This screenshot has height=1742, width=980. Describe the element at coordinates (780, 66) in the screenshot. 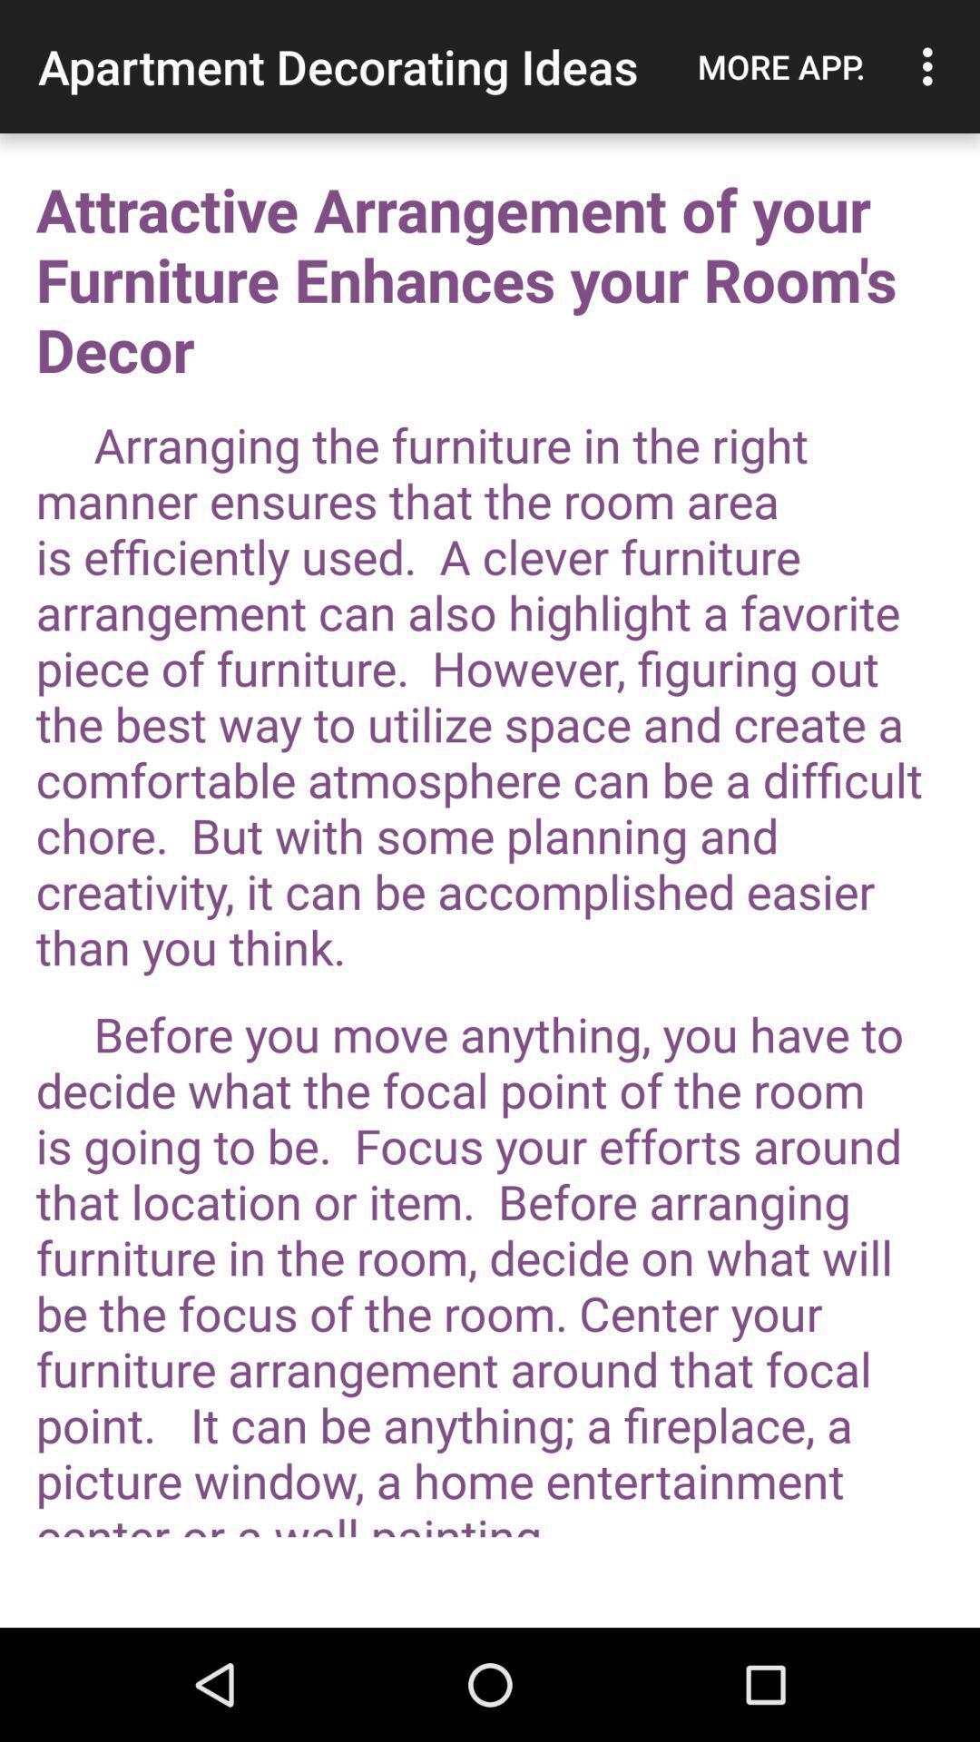

I see `the icon next to the apartment decorating ideas` at that location.